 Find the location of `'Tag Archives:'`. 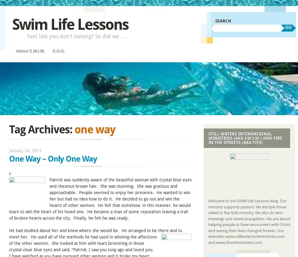

'Tag Archives:' is located at coordinates (42, 129).